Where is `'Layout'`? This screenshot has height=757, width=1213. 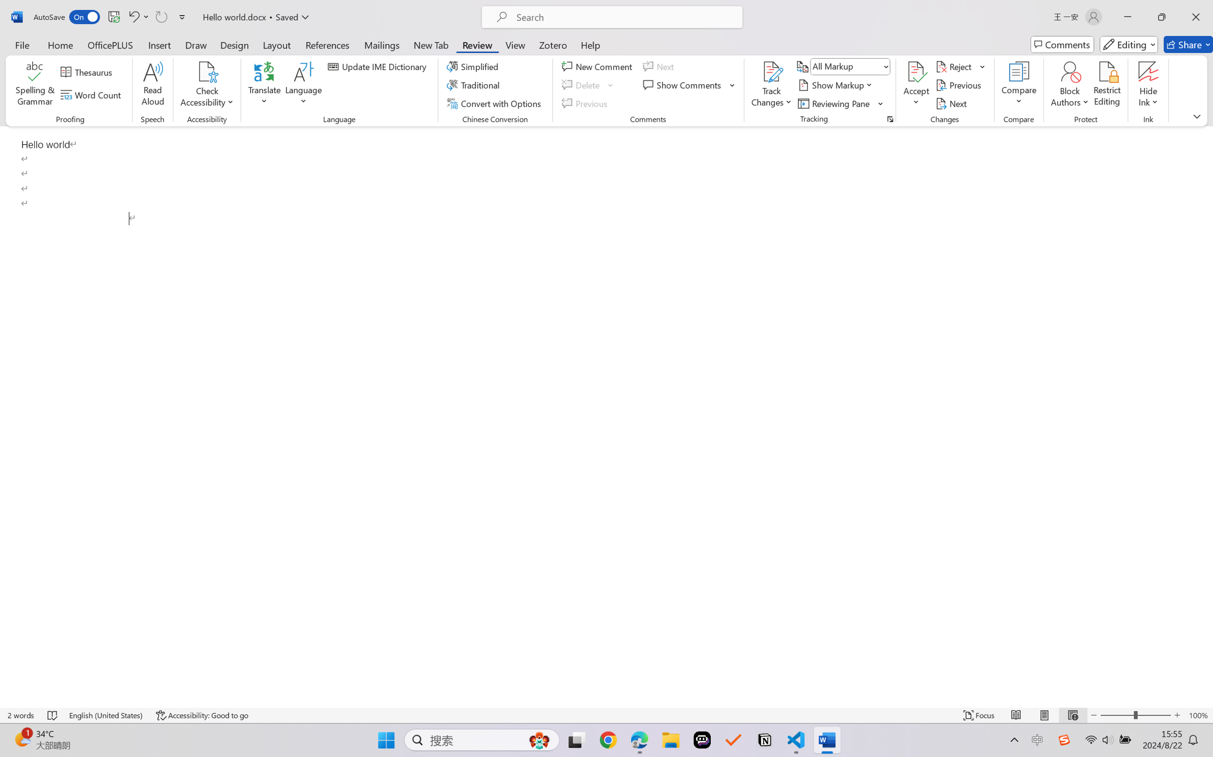
'Layout' is located at coordinates (276, 44).